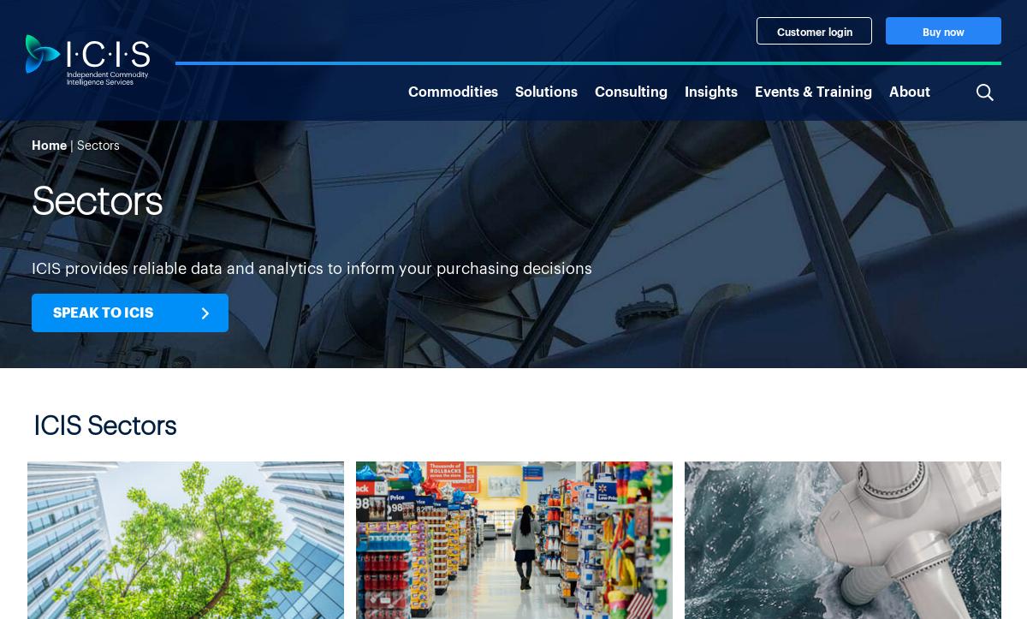 The height and width of the screenshot is (619, 1027). I want to click on 'ICIS Sectors', so click(33, 423).